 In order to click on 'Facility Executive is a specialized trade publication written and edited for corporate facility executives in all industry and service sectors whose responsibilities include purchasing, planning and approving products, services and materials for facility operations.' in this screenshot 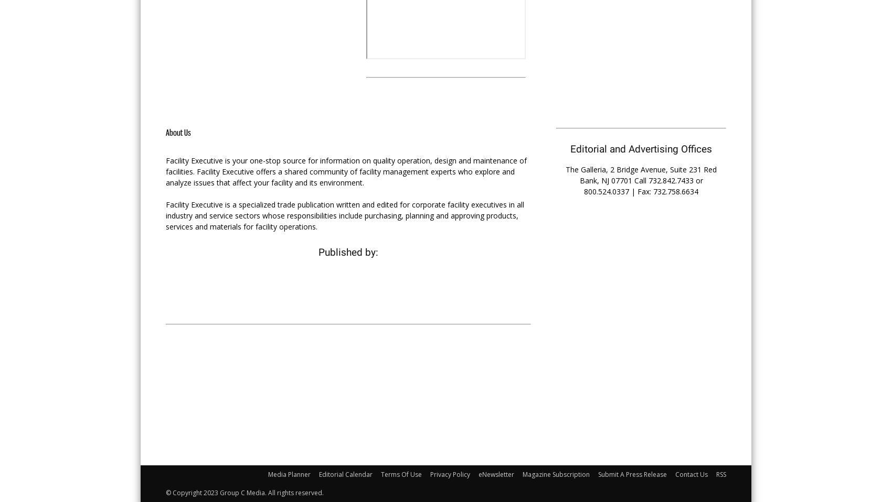, I will do `click(345, 215)`.